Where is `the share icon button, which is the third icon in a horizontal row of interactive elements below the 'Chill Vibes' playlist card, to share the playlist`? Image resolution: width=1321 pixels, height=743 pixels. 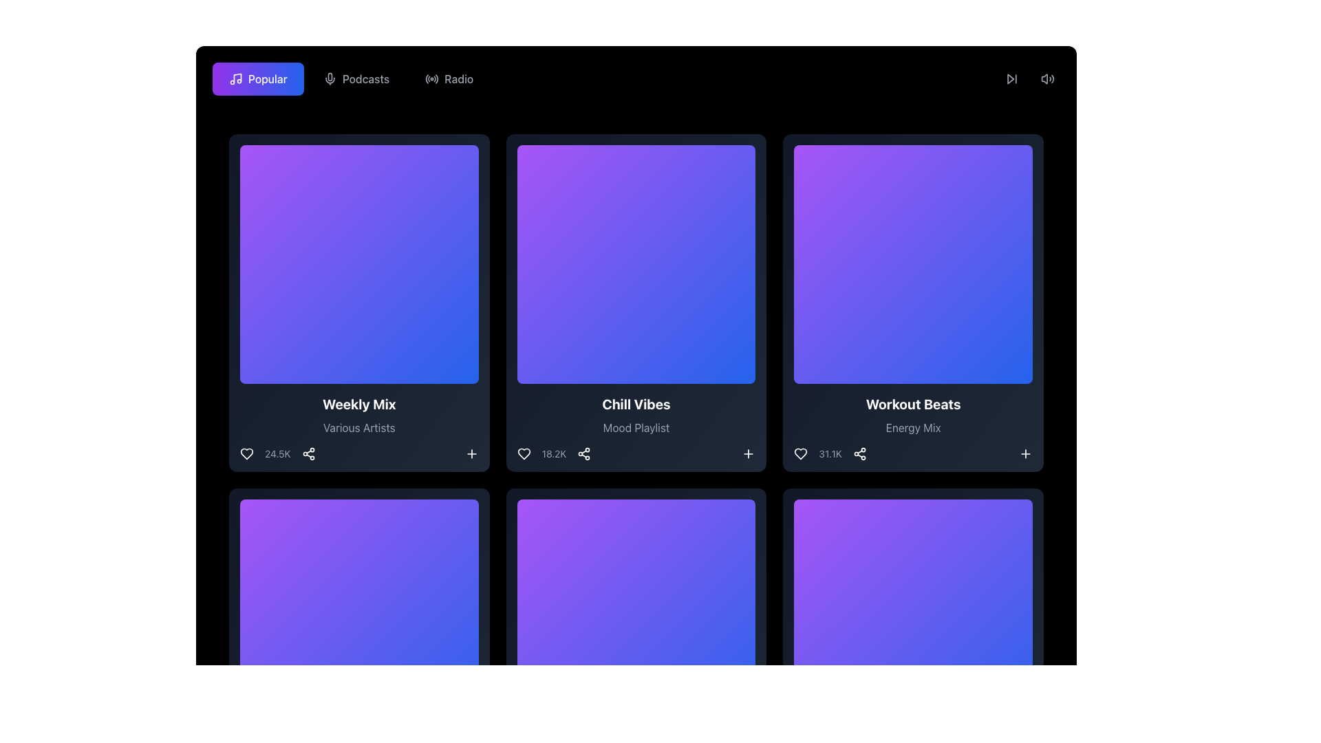 the share icon button, which is the third icon in a horizontal row of interactive elements below the 'Chill Vibes' playlist card, to share the playlist is located at coordinates (584, 453).